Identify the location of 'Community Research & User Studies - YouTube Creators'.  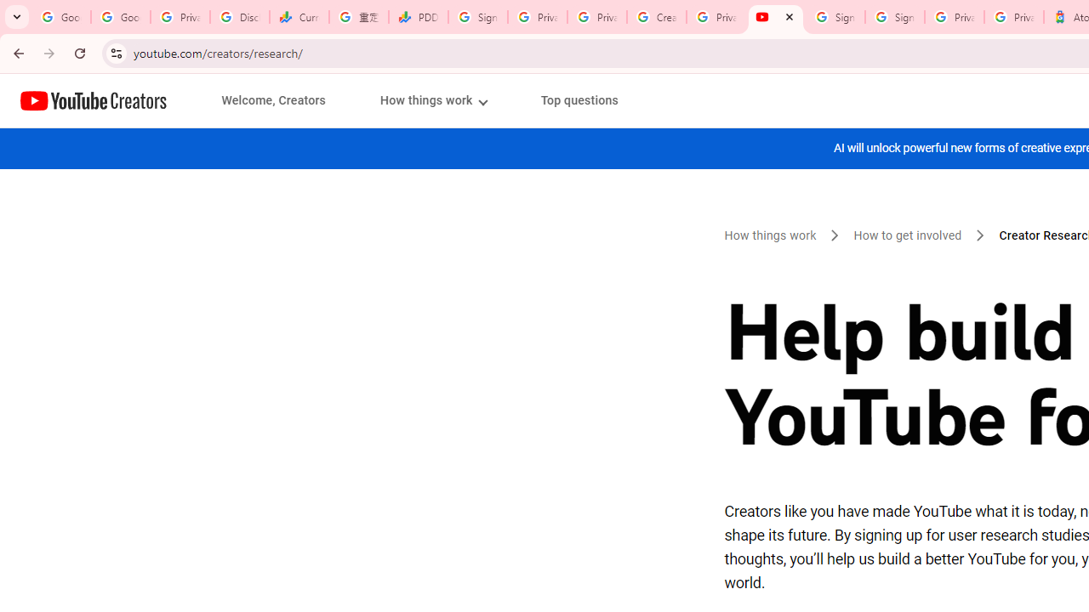
(775, 17).